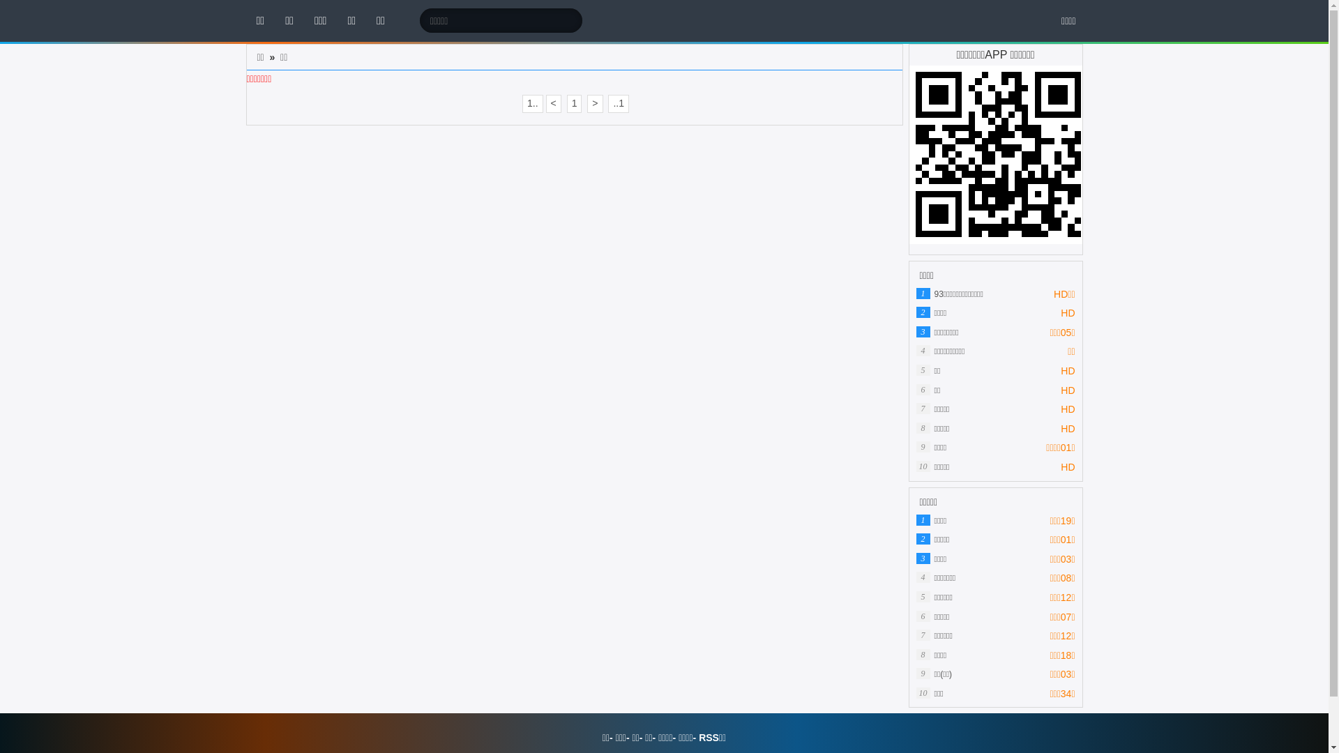 The height and width of the screenshot is (753, 1339). Describe the element at coordinates (531, 103) in the screenshot. I see `'1..'` at that location.